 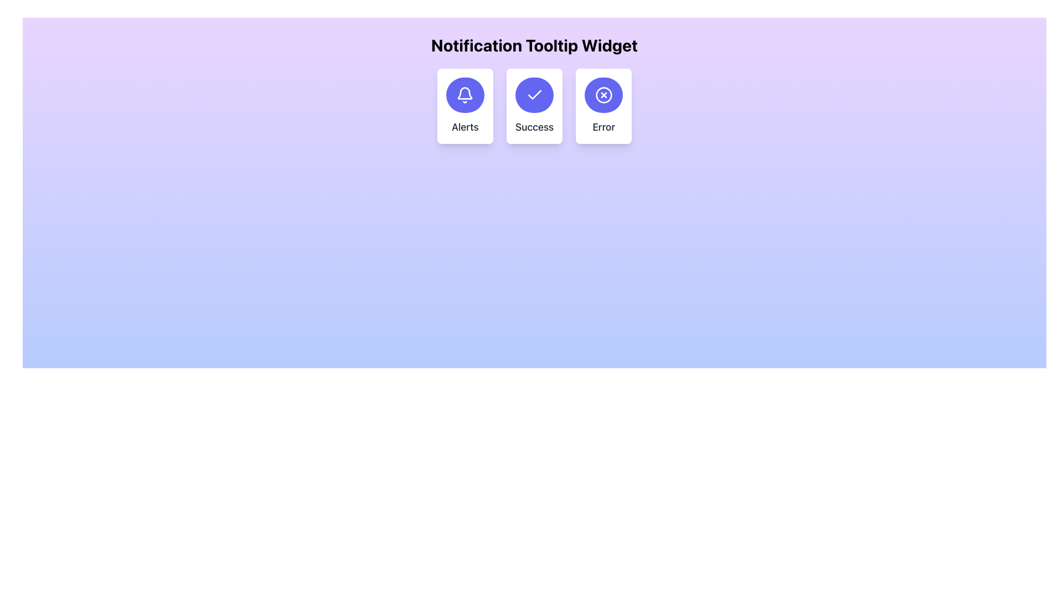 What do you see at coordinates (465, 95) in the screenshot?
I see `the notification icon button depicted by a bell icon, located at the center of the 'Alerts' card beneath the 'Notification Tooltip Widget' title` at bounding box center [465, 95].